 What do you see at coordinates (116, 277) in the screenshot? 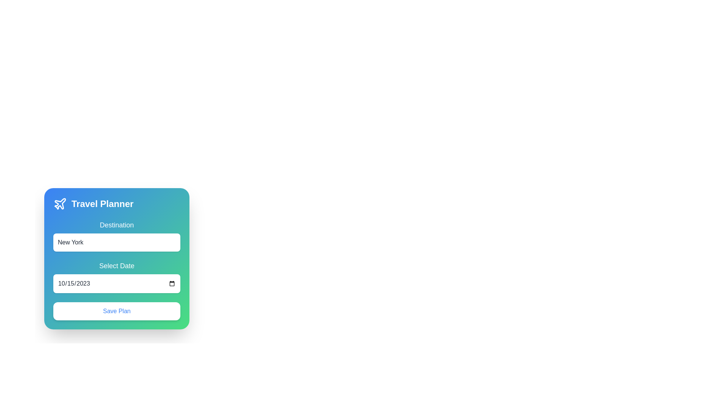
I see `the date input field labeled 'Select Date' to focus on it` at bounding box center [116, 277].